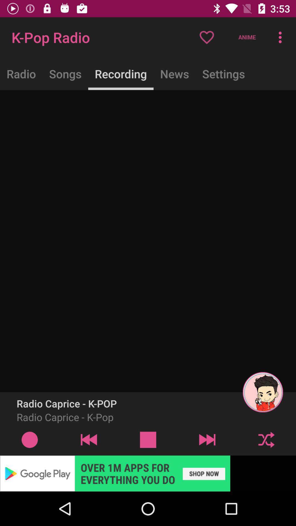 The height and width of the screenshot is (526, 296). I want to click on pause option, so click(148, 439).